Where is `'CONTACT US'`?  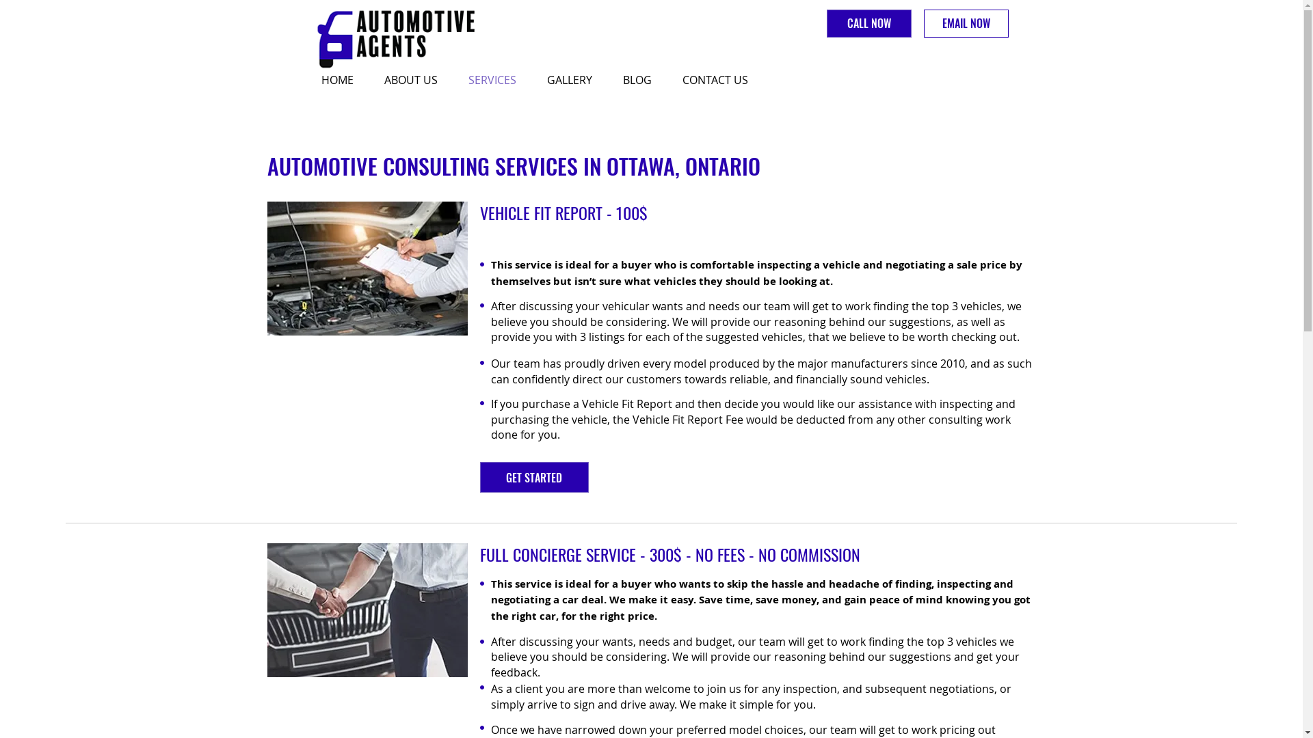 'CONTACT US' is located at coordinates (672, 79).